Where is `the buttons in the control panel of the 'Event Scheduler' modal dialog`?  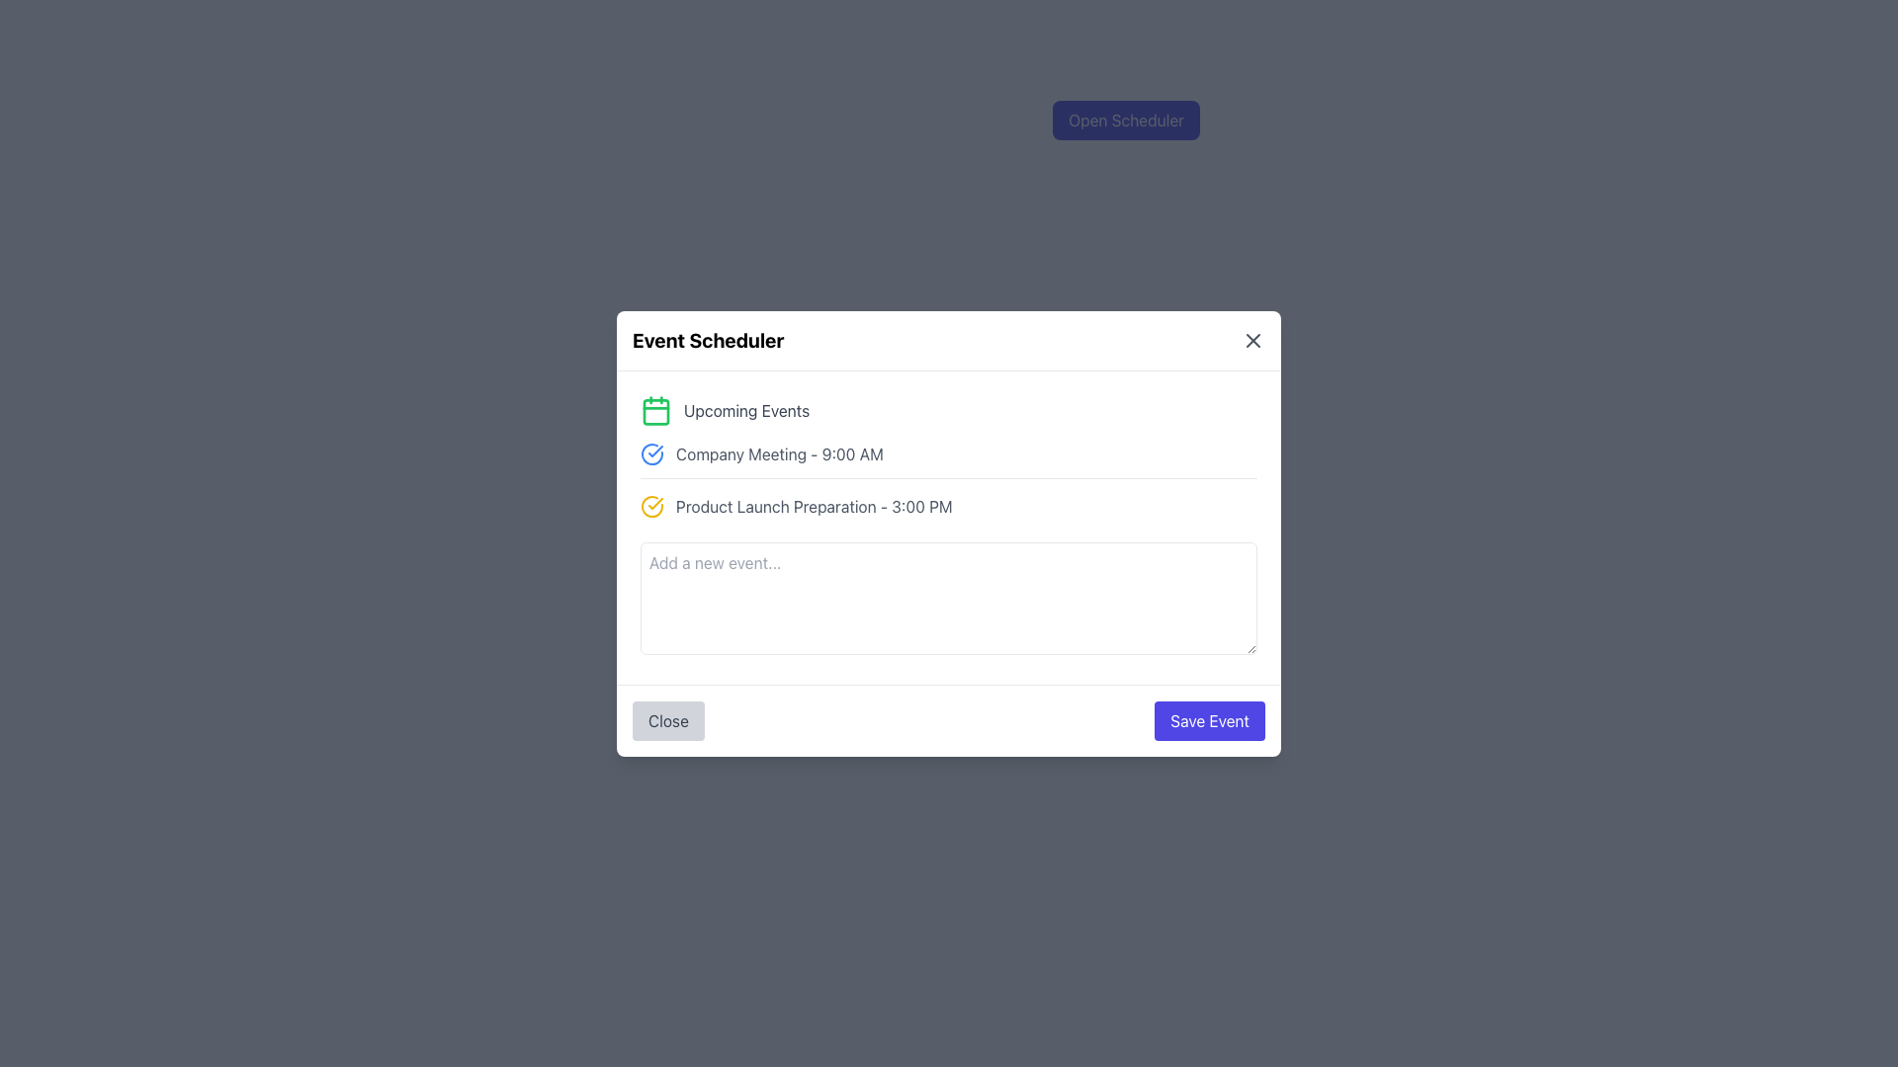 the buttons in the control panel of the 'Event Scheduler' modal dialog is located at coordinates (949, 720).